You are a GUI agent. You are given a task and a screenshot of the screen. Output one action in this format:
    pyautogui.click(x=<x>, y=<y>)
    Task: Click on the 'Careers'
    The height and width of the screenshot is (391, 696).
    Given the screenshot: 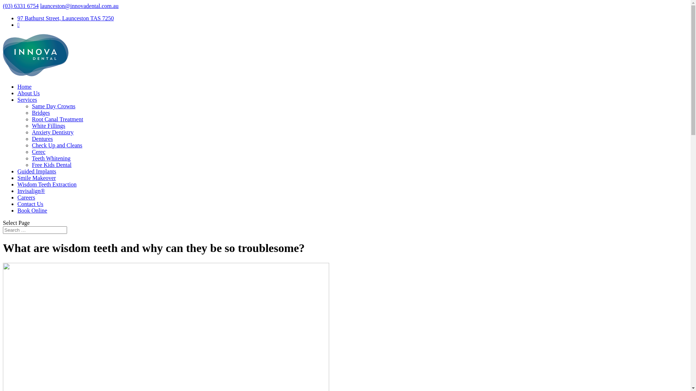 What is the action you would take?
    pyautogui.click(x=26, y=197)
    